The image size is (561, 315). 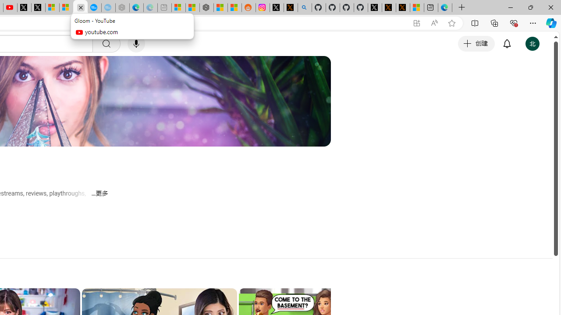 What do you see at coordinates (452, 23) in the screenshot?
I see `'Add this page to favorites (Ctrl+D)'` at bounding box center [452, 23].